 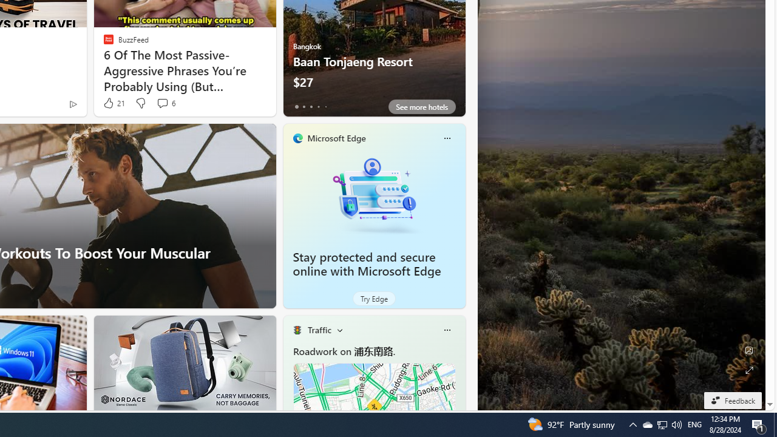 What do you see at coordinates (373, 299) in the screenshot?
I see `'Try Edge'` at bounding box center [373, 299].